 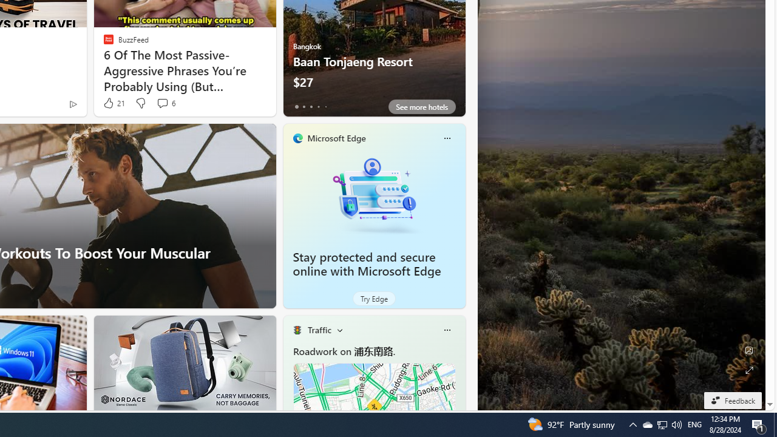 What do you see at coordinates (373, 299) in the screenshot?
I see `'Try Edge'` at bounding box center [373, 299].